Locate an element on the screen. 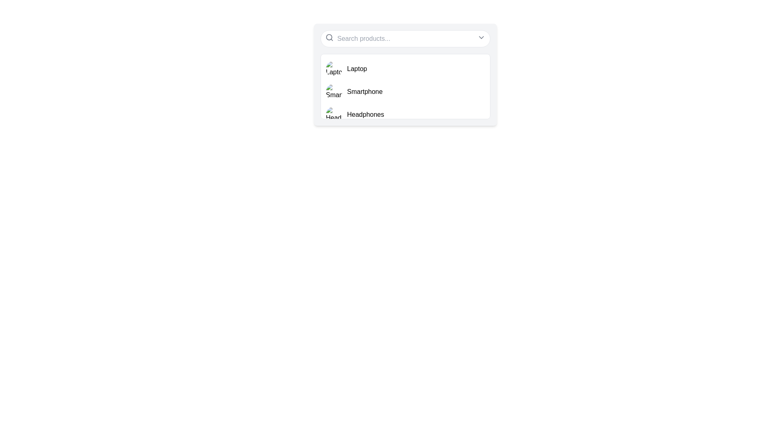 Image resolution: width=784 pixels, height=441 pixels. the third row dropdown list item labeled 'Headphones' is located at coordinates (405, 115).